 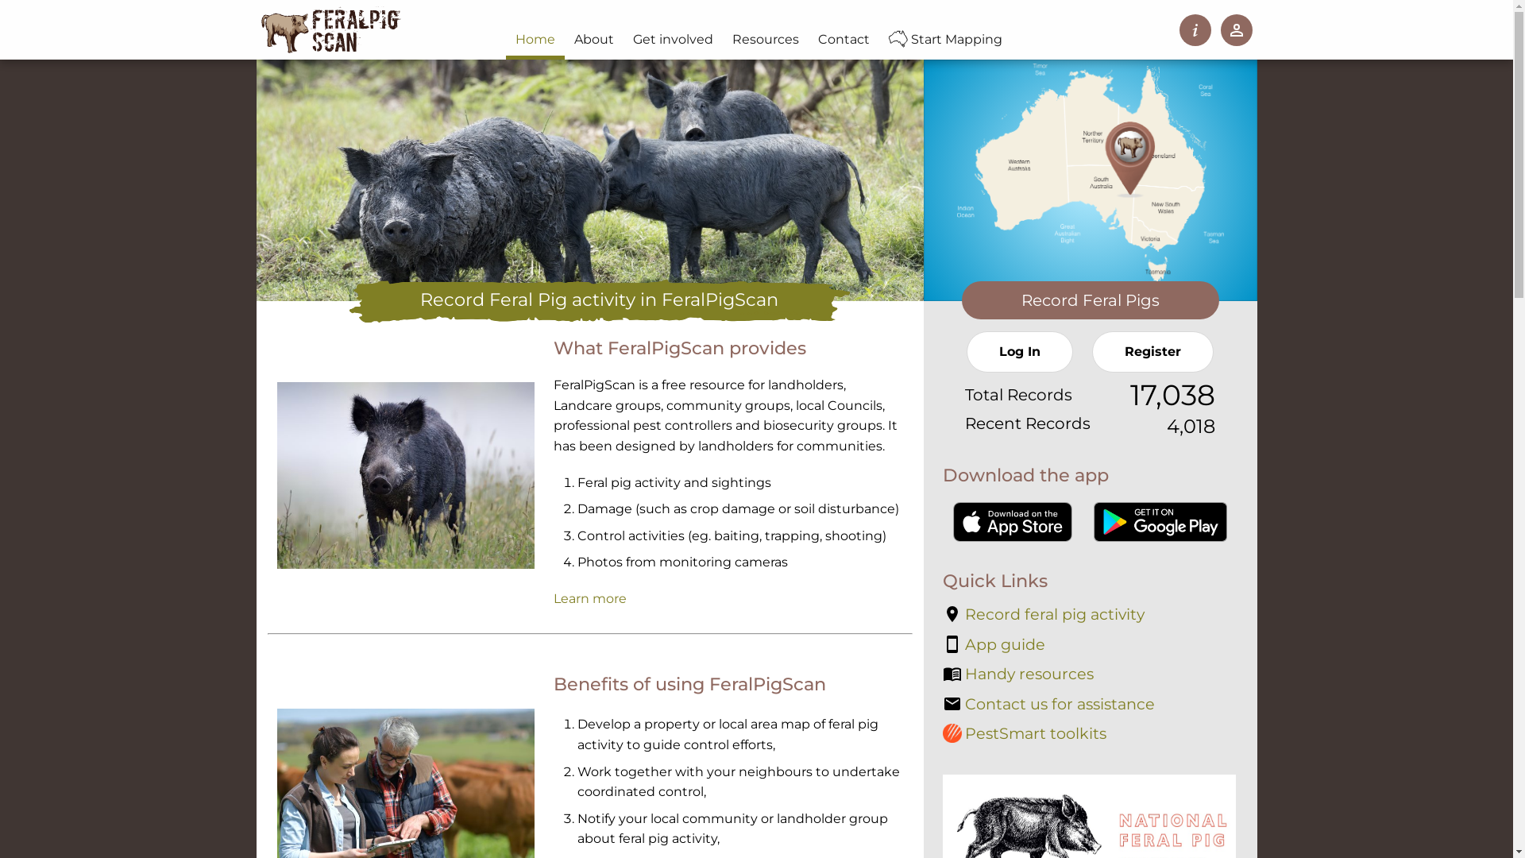 I want to click on 'PestSmart toolkits', so click(x=1024, y=734).